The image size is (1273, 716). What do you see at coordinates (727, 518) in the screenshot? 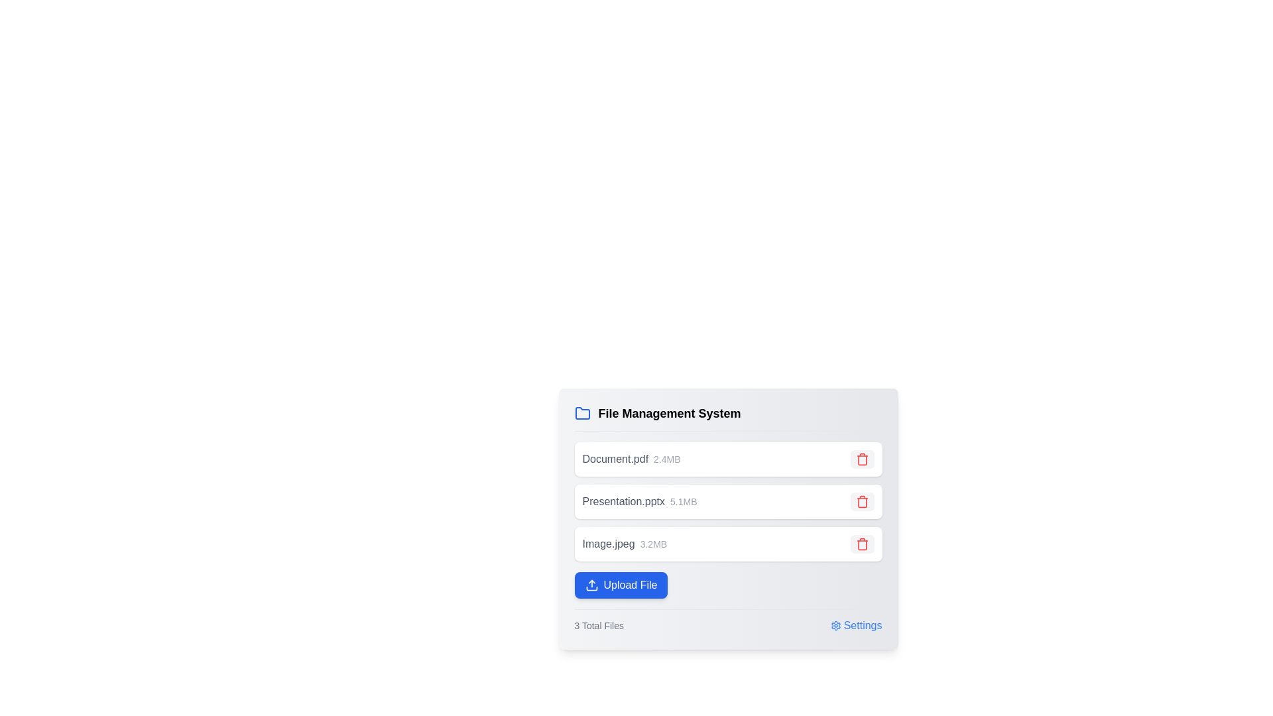
I see `the second row` at bounding box center [727, 518].